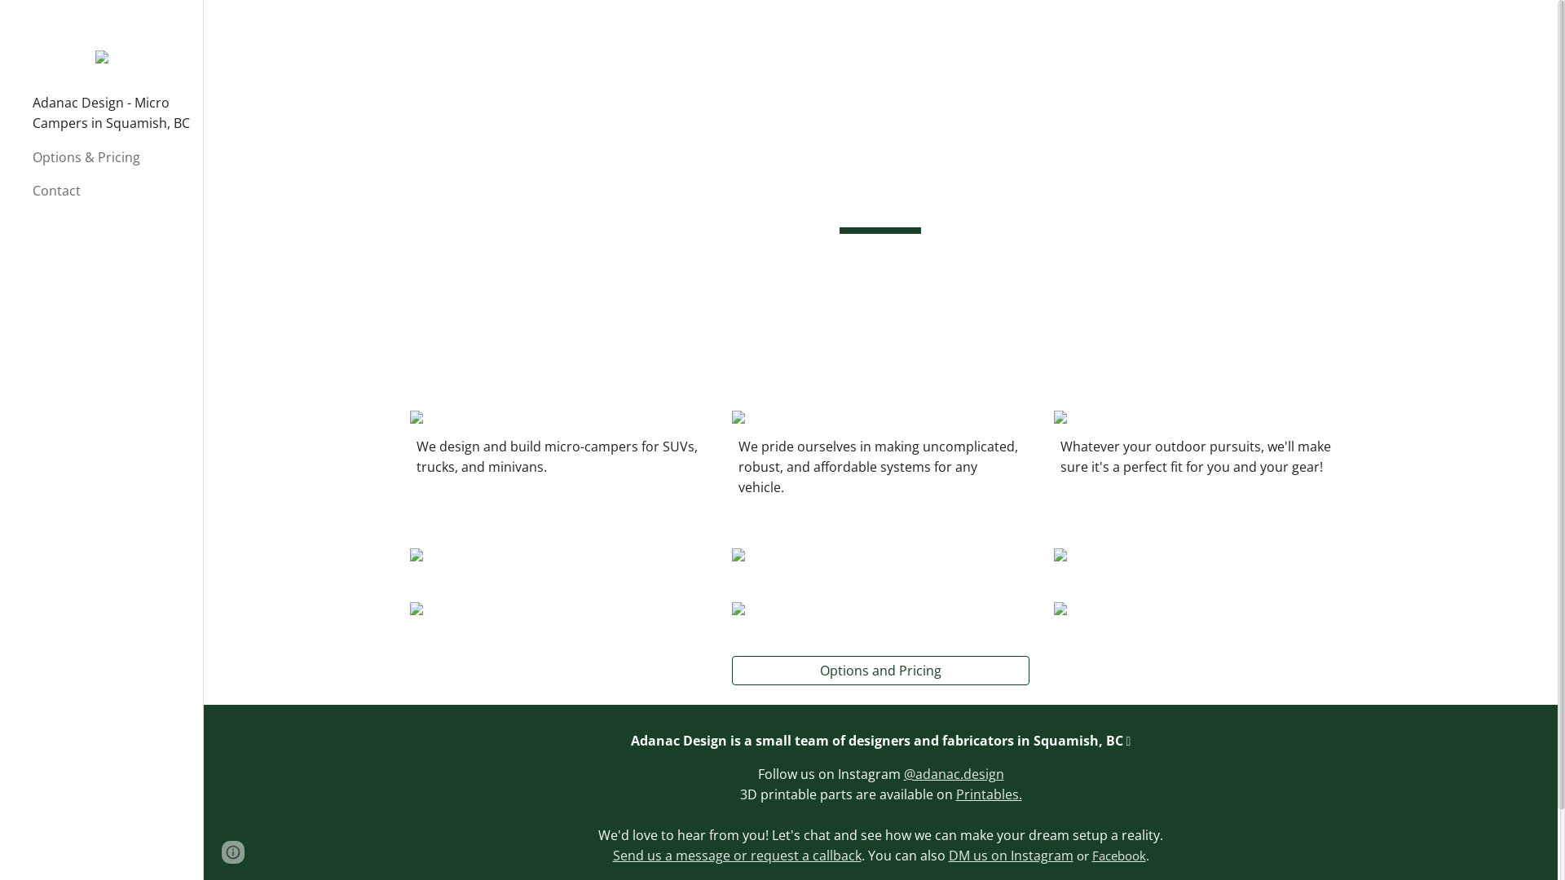 This screenshot has width=1565, height=880. What do you see at coordinates (29, 157) in the screenshot?
I see `'Options & Pricing'` at bounding box center [29, 157].